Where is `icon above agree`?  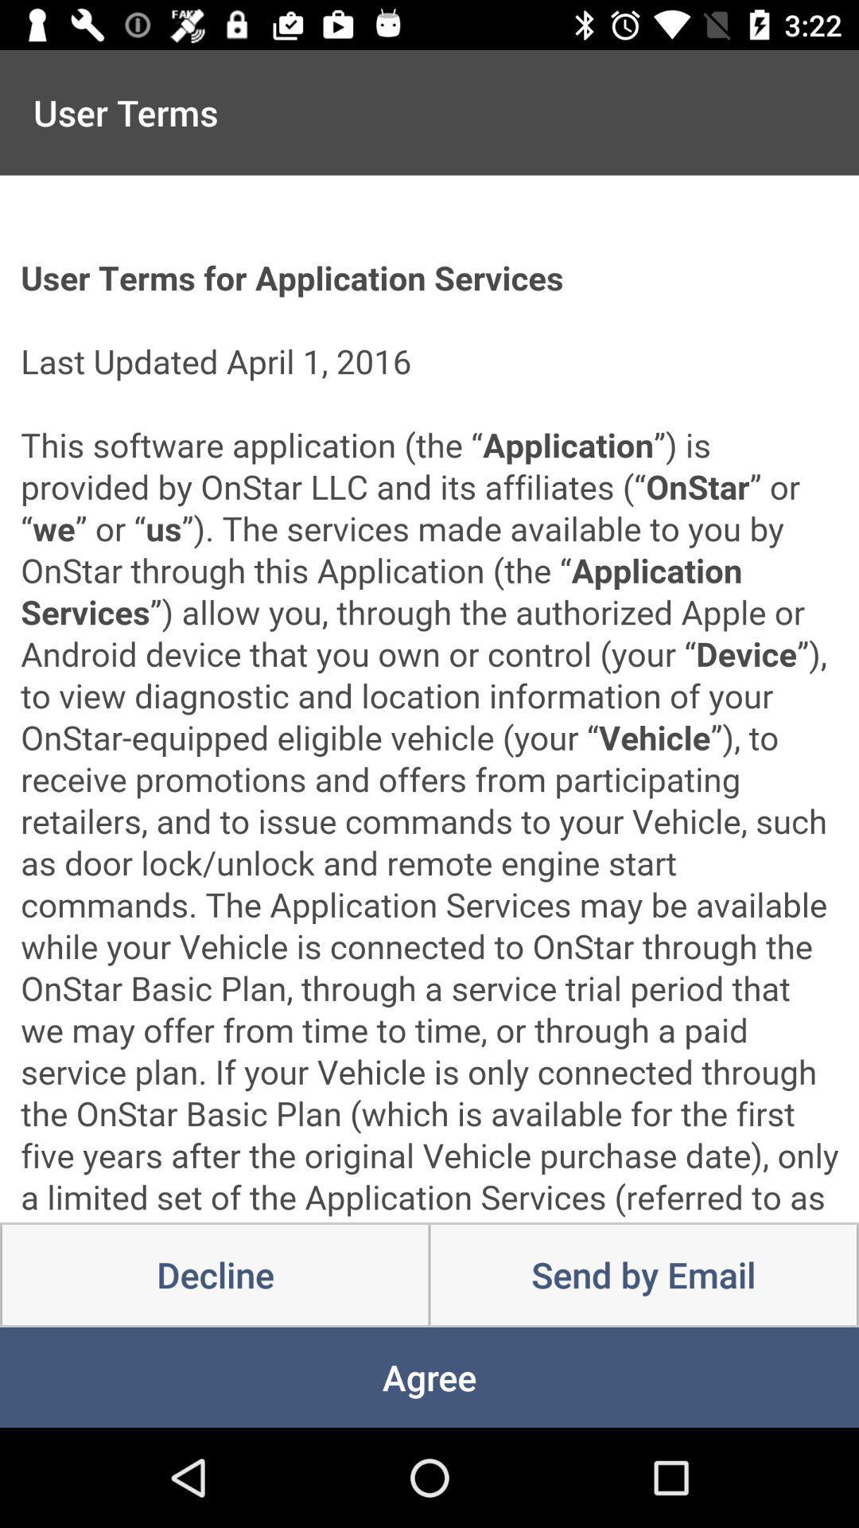
icon above agree is located at coordinates (215, 1275).